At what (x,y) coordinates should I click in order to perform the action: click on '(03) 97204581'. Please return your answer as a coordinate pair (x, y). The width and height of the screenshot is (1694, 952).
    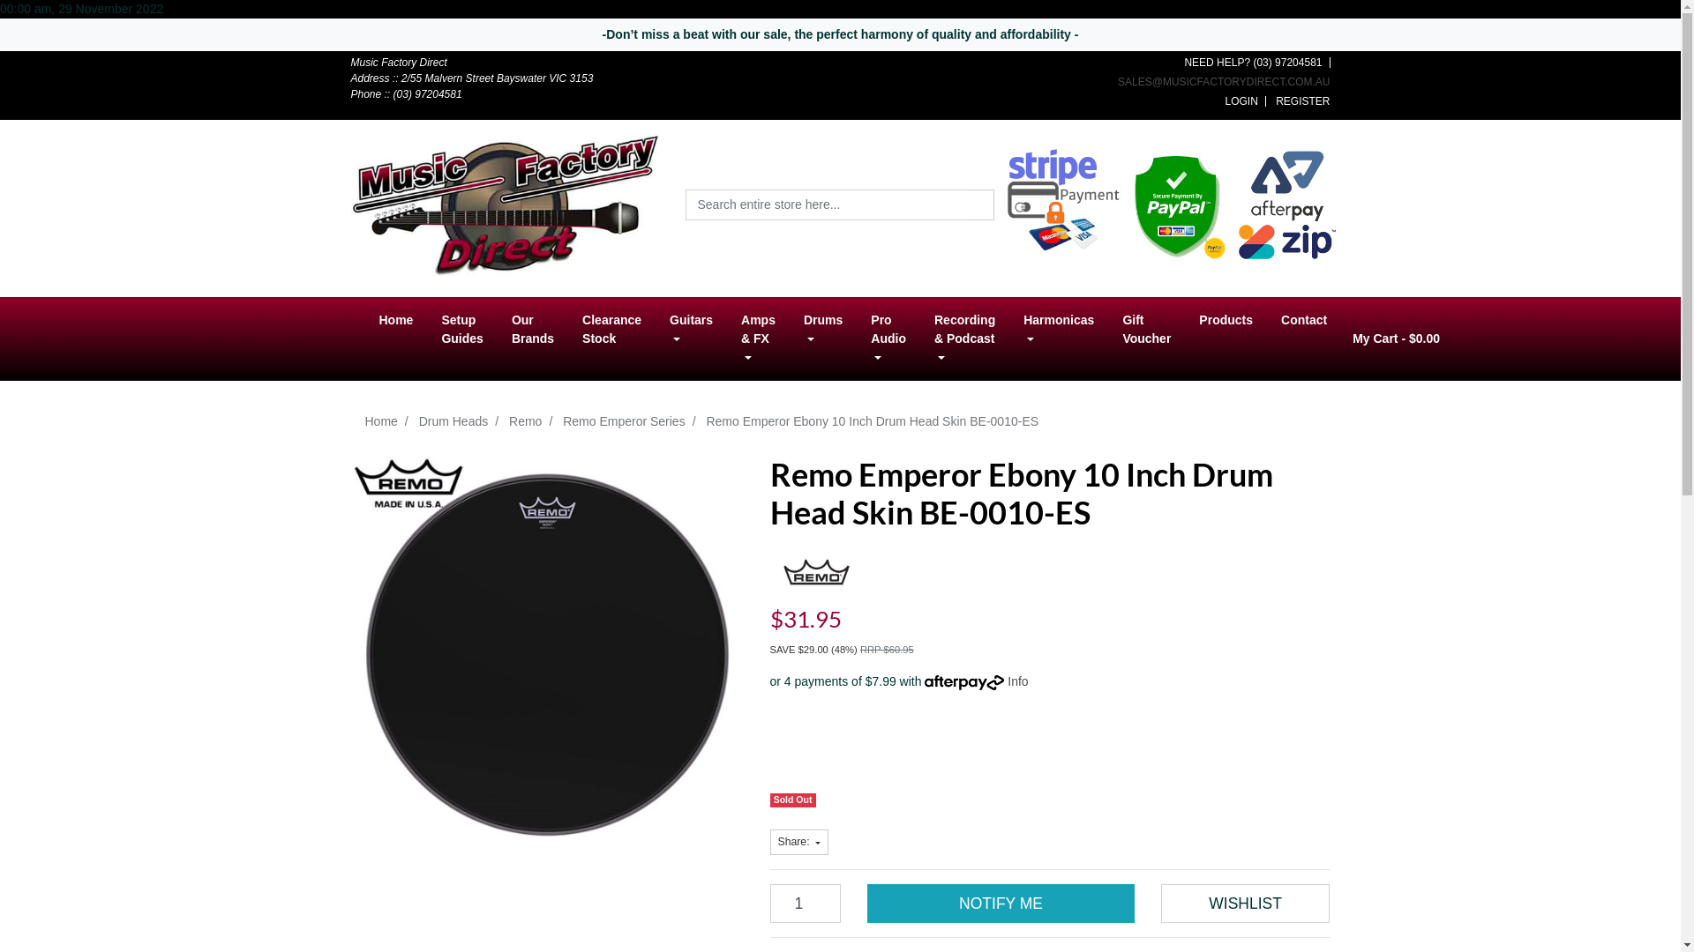
    Looking at the image, I should click on (1287, 61).